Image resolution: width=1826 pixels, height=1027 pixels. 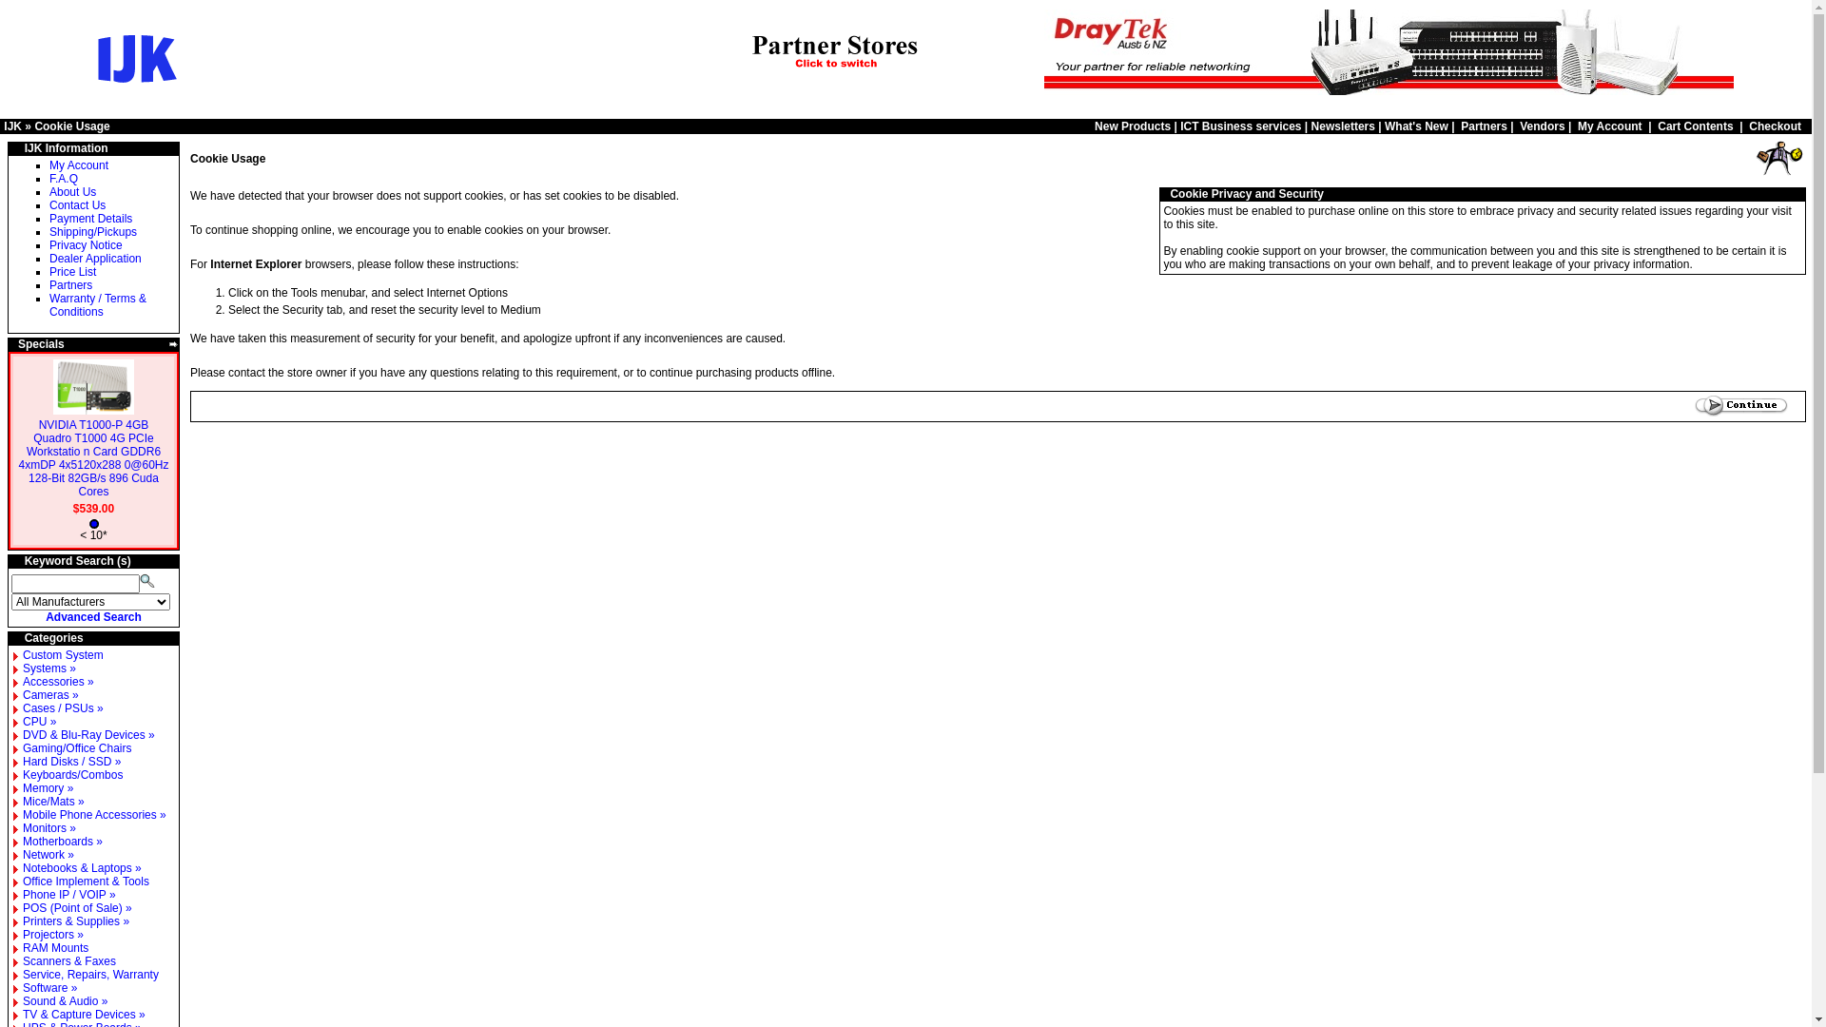 I want to click on 'Privacy Notice', so click(x=85, y=244).